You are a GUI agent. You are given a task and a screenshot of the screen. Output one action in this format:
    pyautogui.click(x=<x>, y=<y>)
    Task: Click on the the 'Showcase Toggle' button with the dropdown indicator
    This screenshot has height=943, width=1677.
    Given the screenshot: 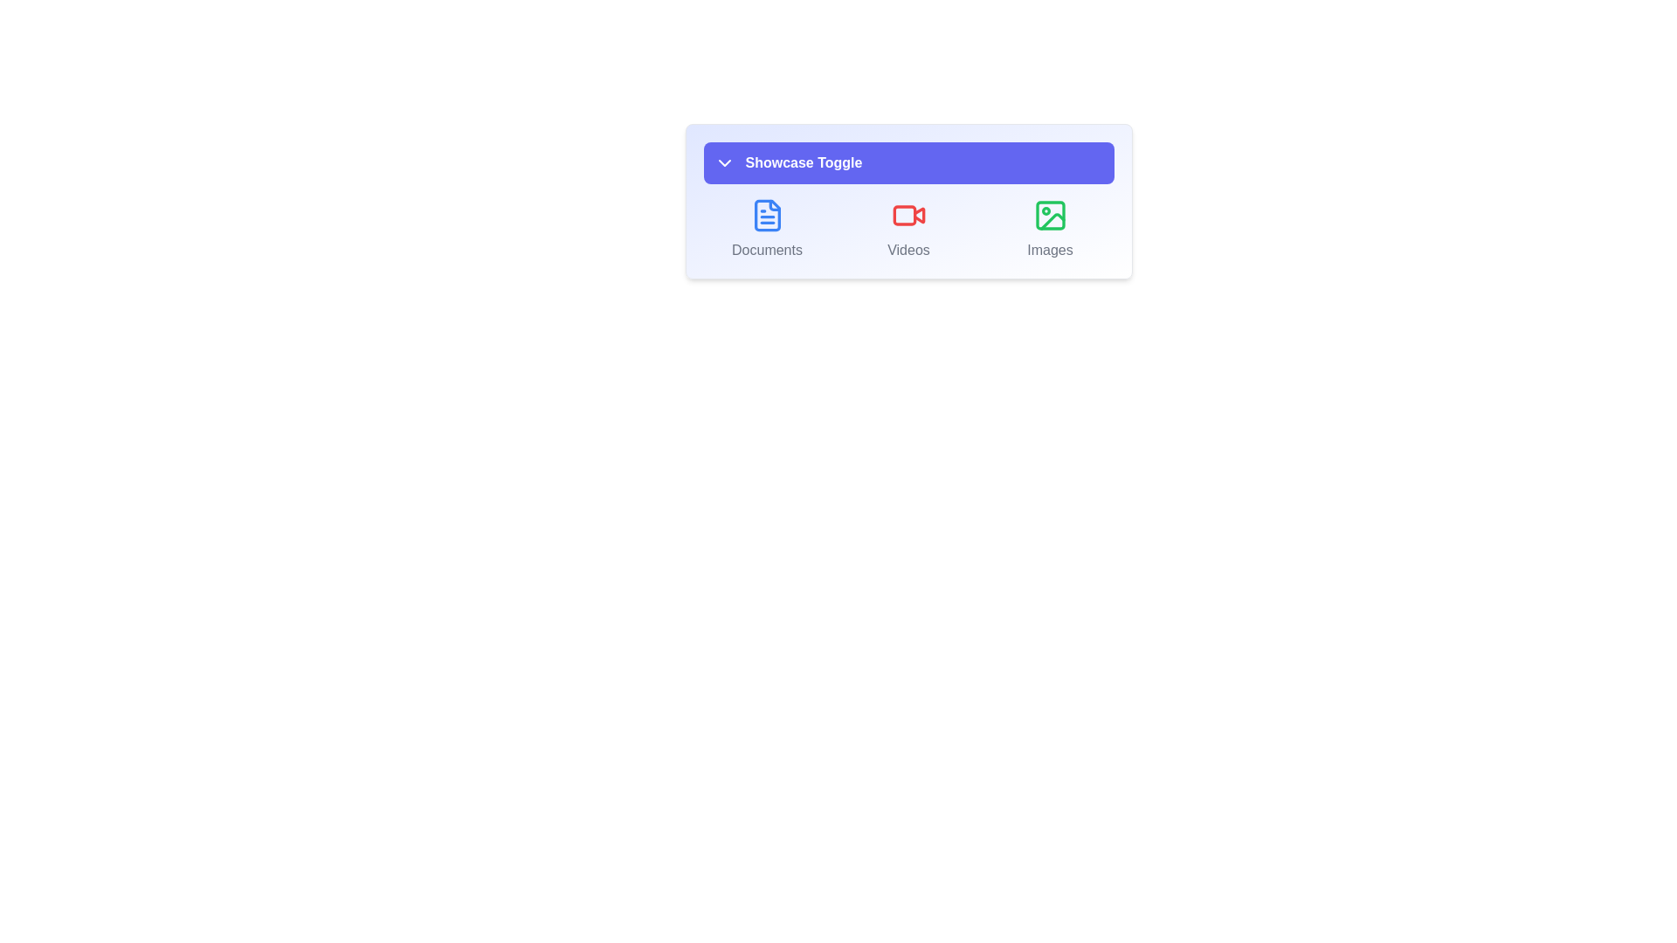 What is the action you would take?
    pyautogui.click(x=908, y=162)
    